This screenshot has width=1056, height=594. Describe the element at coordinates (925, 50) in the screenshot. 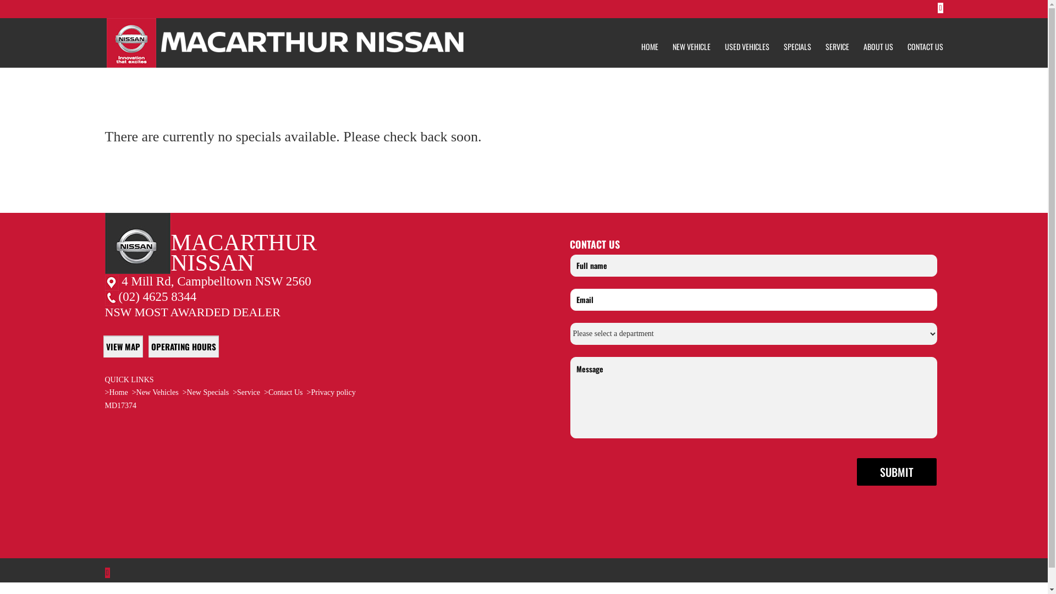

I see `'CONTACT US'` at that location.